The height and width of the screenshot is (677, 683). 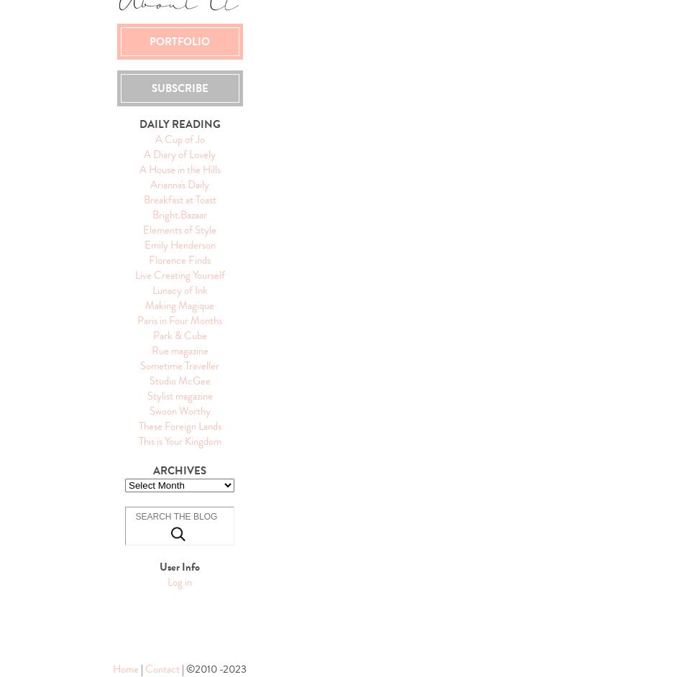 What do you see at coordinates (178, 275) in the screenshot?
I see `'Live Creating Yourself'` at bounding box center [178, 275].